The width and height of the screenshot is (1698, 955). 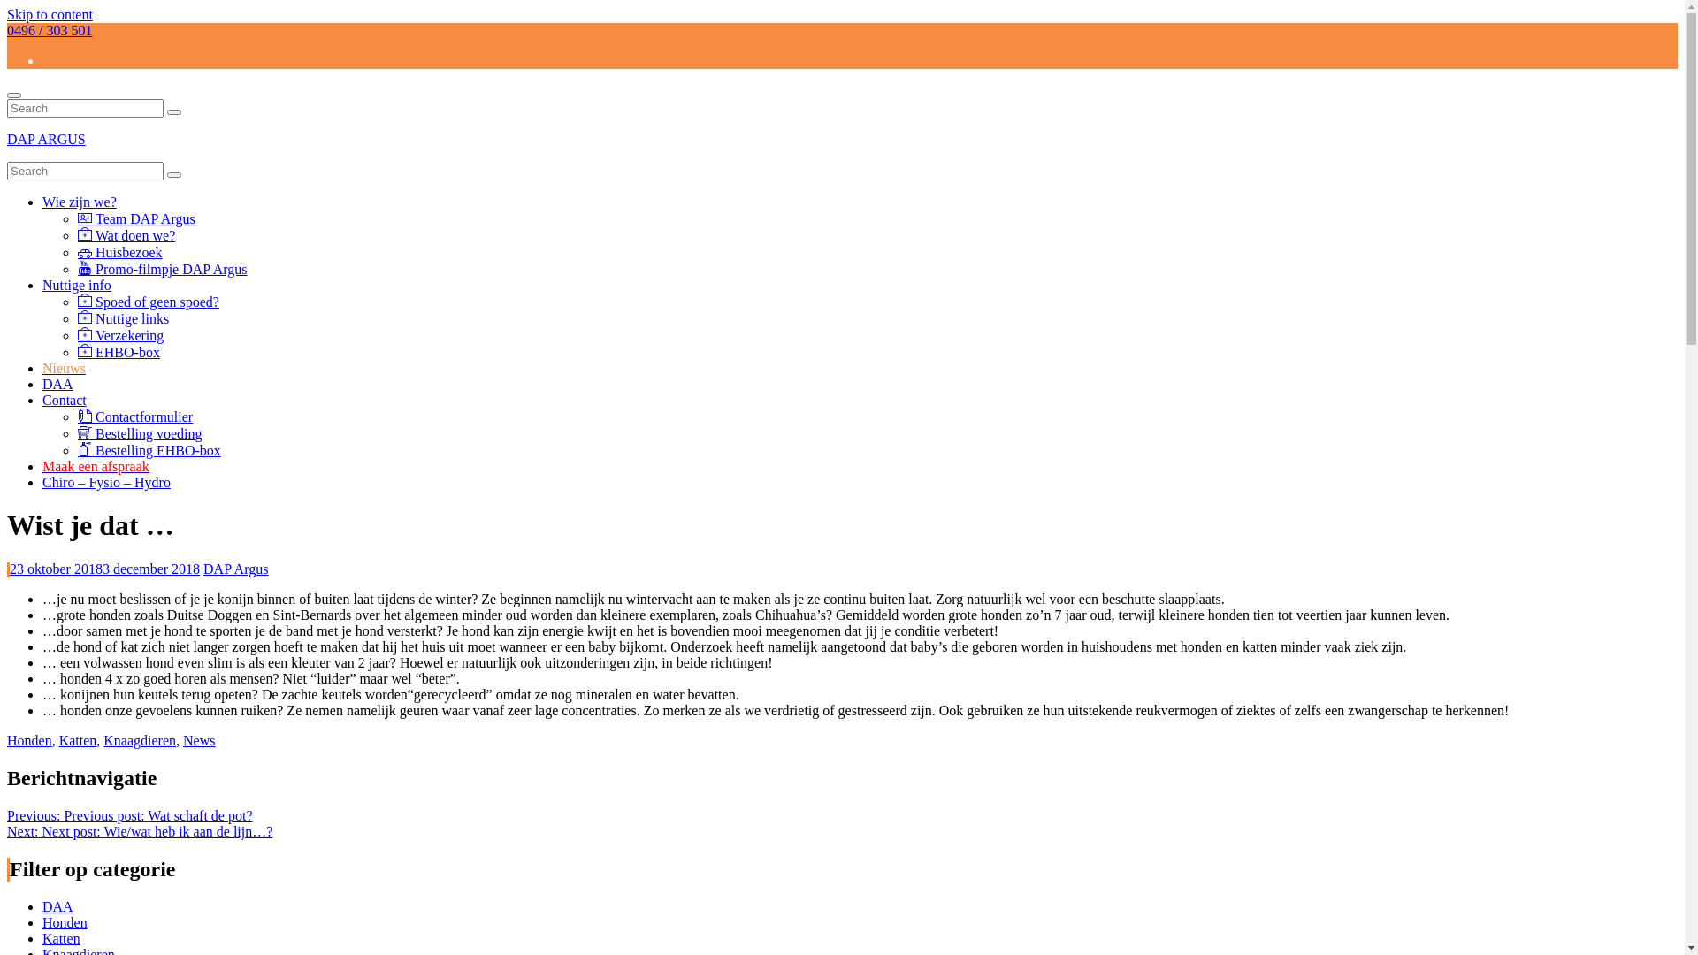 I want to click on 'Previous: Previous post: Wat schaft de pot?', so click(x=129, y=815).